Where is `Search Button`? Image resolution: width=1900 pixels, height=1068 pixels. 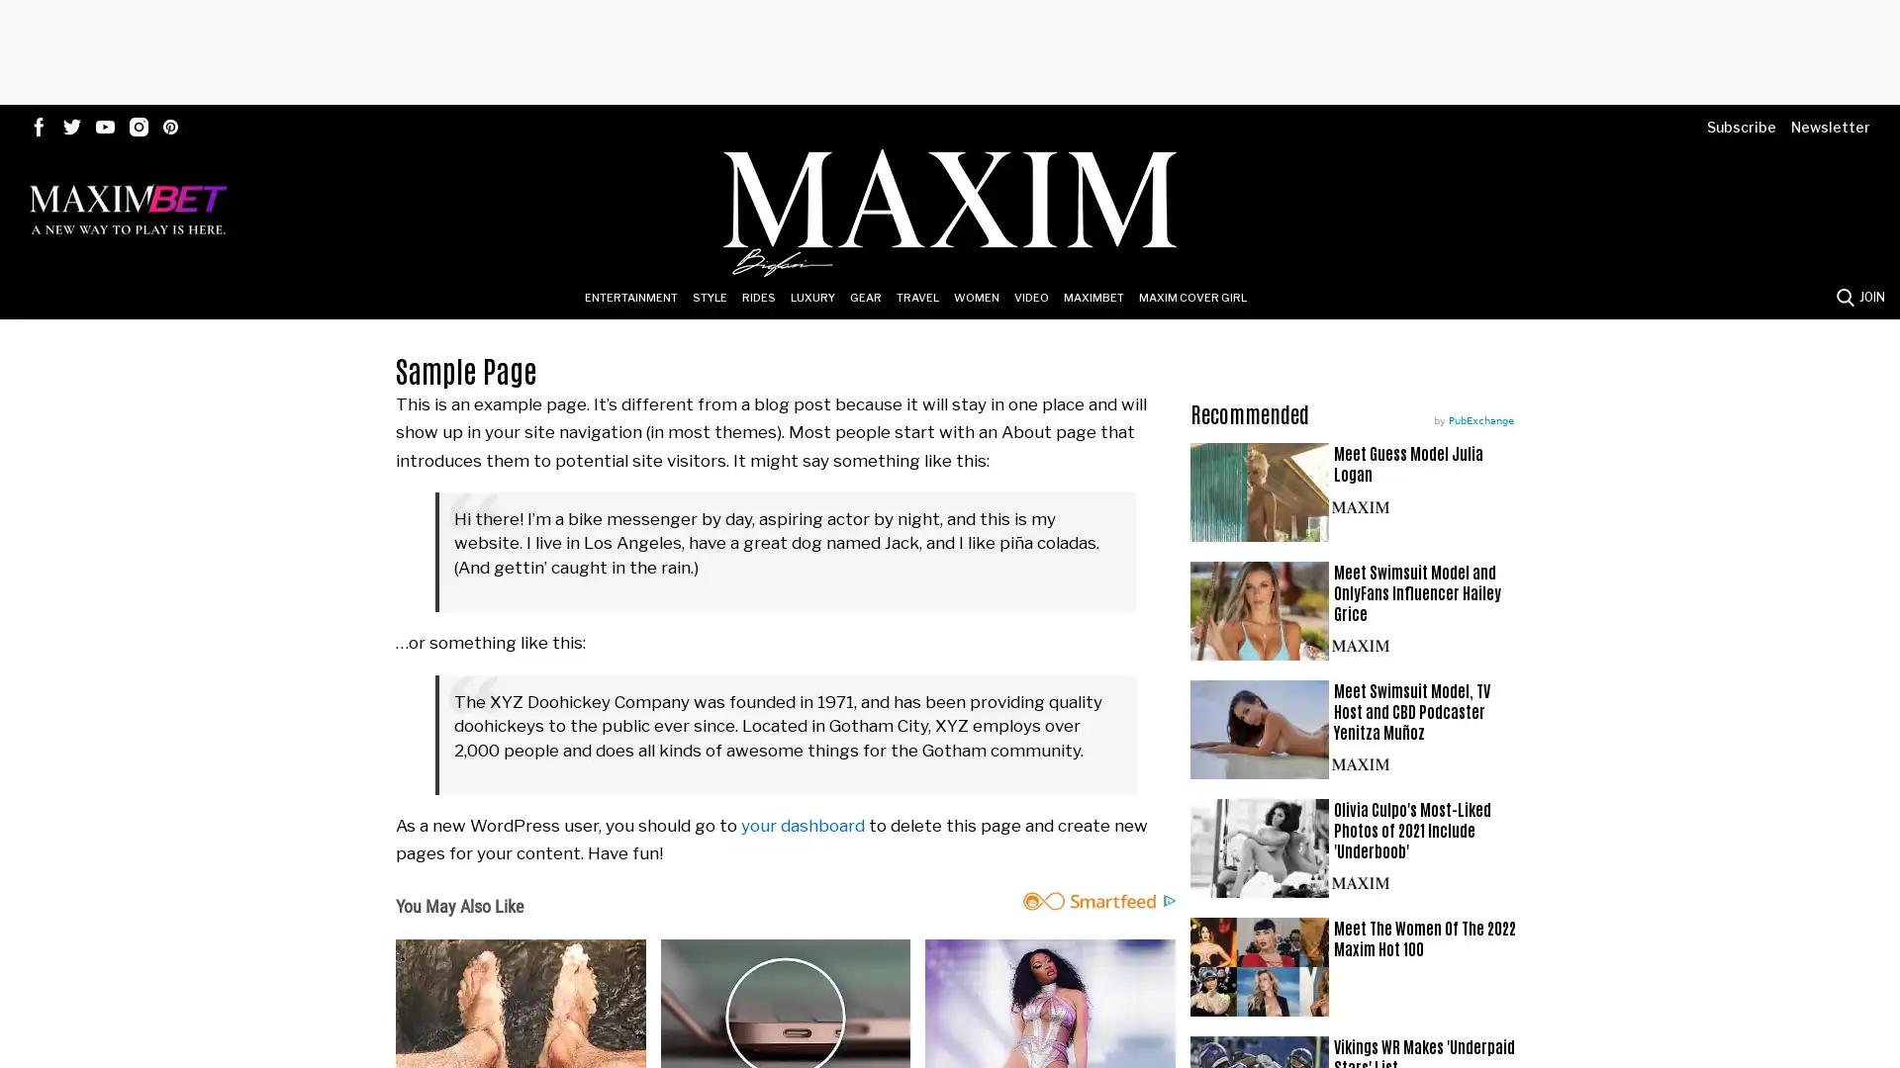 Search Button is located at coordinates (1844, 297).